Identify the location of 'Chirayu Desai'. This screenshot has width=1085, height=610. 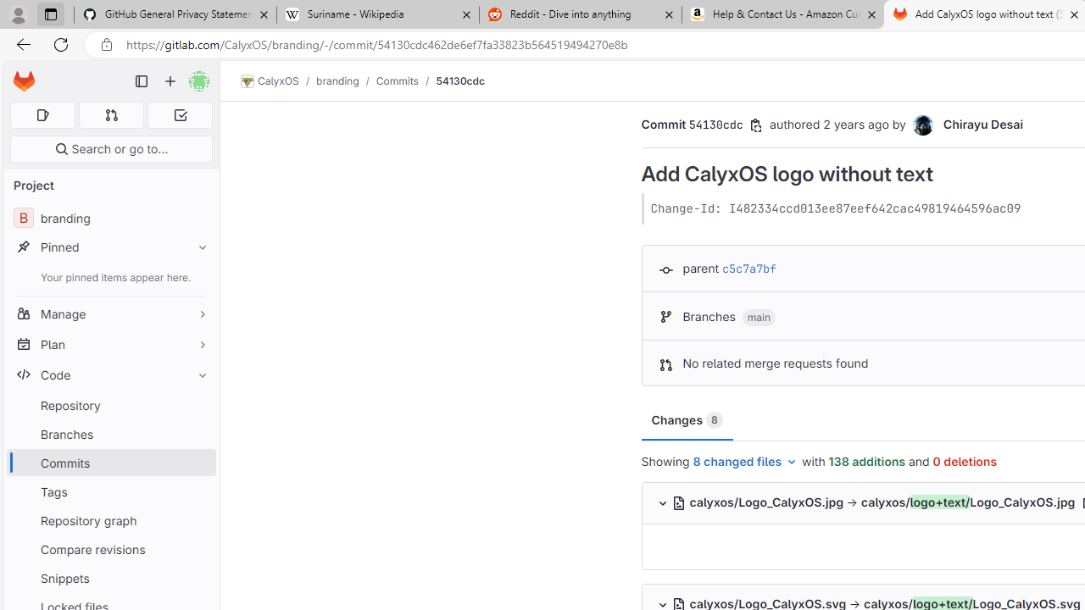
(923, 125).